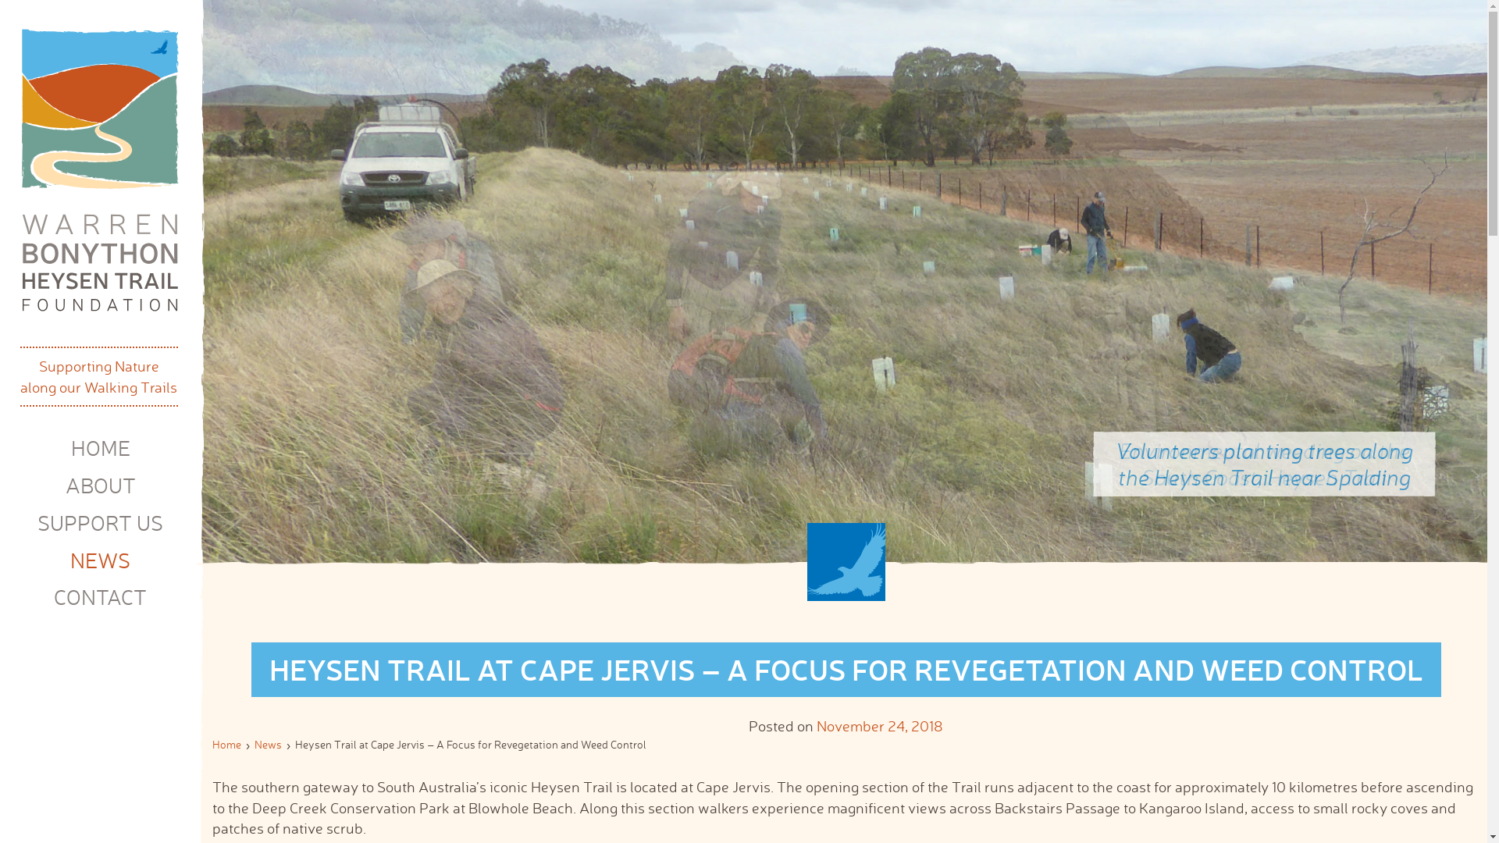 This screenshot has height=843, width=1499. What do you see at coordinates (99, 523) in the screenshot?
I see `'SUPPORT US'` at bounding box center [99, 523].